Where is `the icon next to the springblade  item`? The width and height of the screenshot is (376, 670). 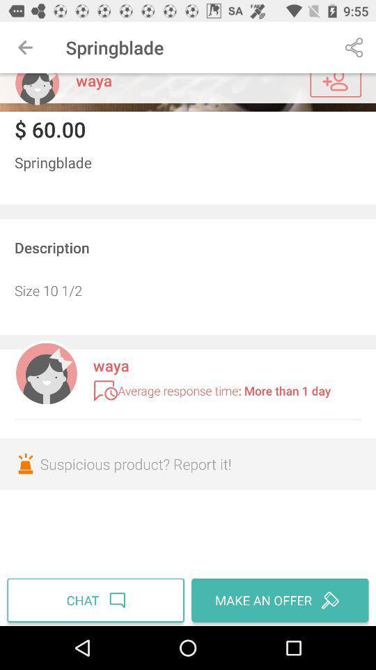 the icon next to the springblade  item is located at coordinates (25, 47).